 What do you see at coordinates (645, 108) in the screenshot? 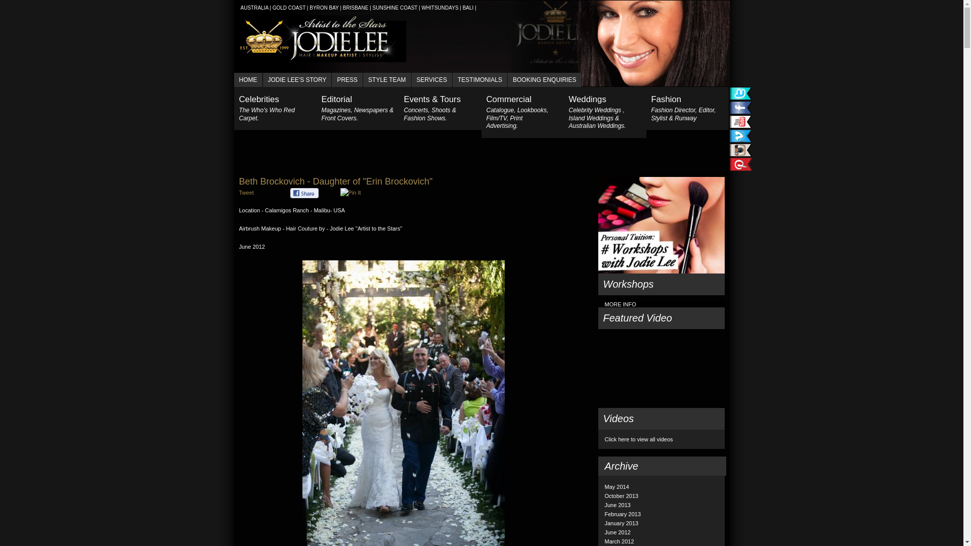
I see `'Fashion` at bounding box center [645, 108].